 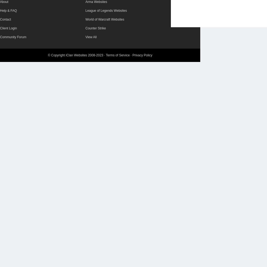 I want to click on 'Terms of Service', so click(x=117, y=55).